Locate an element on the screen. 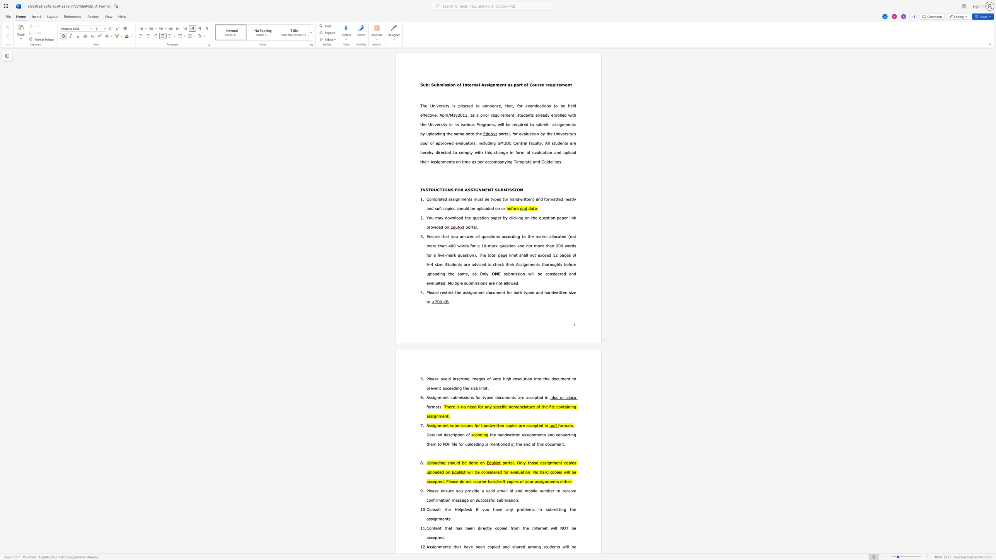  the space between the continuous character "o" and "t" in the text is located at coordinates (501, 283).